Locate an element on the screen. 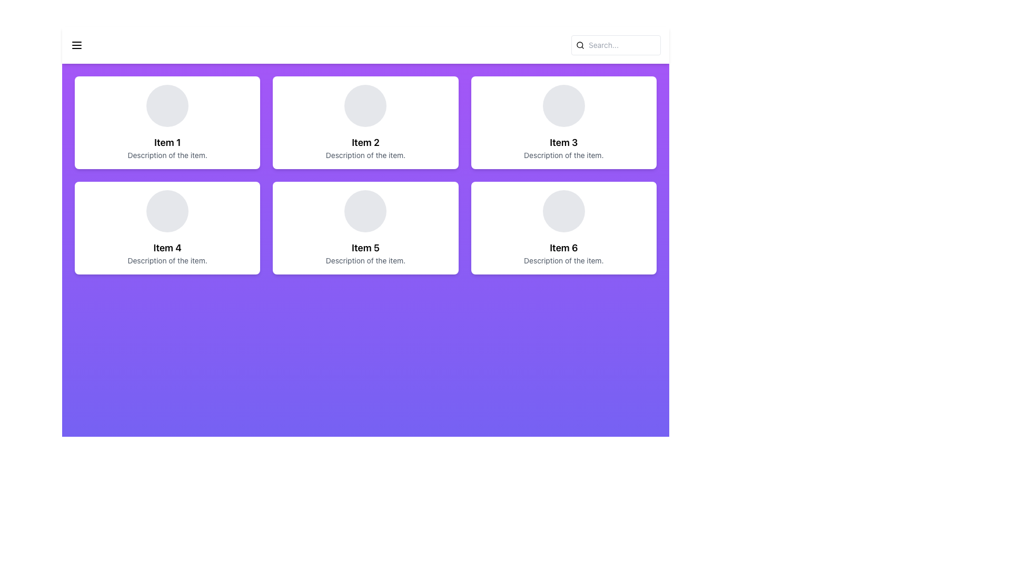 This screenshot has height=569, width=1011. the search icon positioned near the left edge of the search bar, which indicates the search functionality is located at coordinates (580, 44).